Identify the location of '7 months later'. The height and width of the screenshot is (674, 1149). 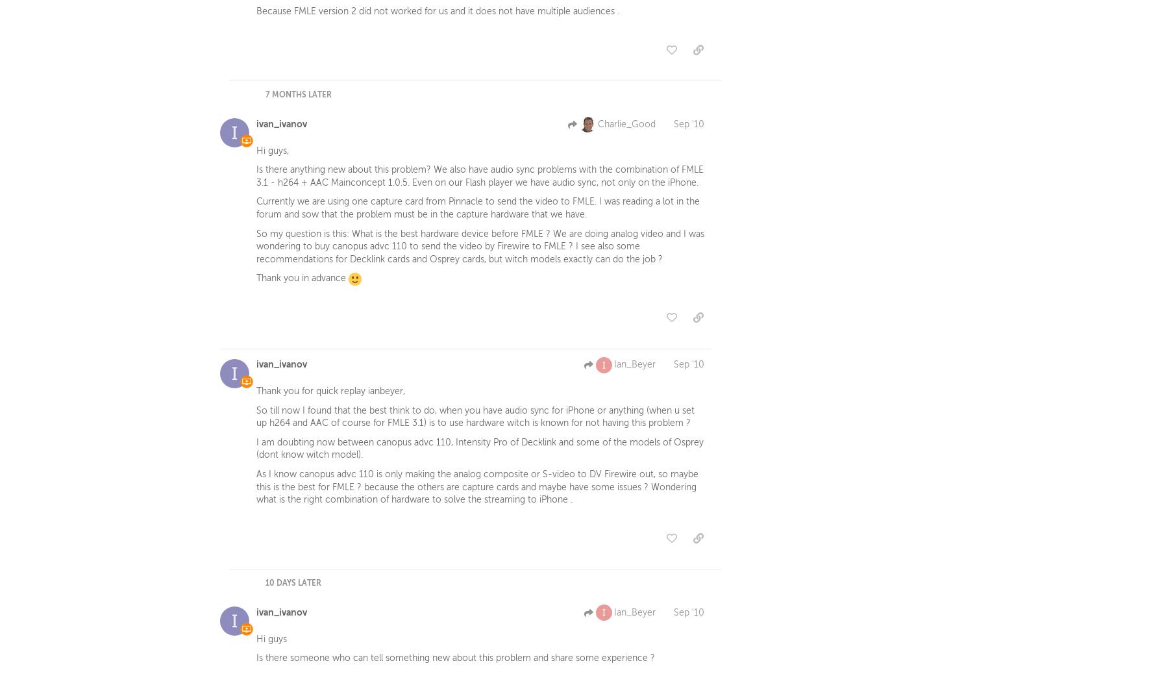
(299, 96).